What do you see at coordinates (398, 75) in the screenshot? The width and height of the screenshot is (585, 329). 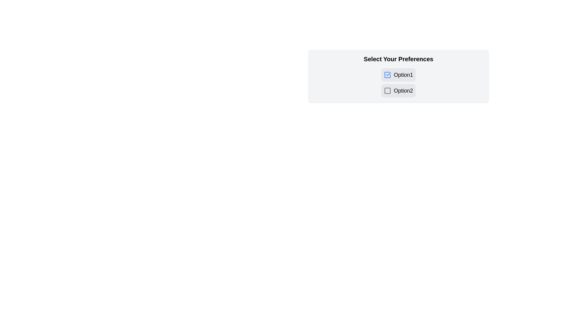 I see `the Checkbox input for 'Option1' to change its background color` at bounding box center [398, 75].